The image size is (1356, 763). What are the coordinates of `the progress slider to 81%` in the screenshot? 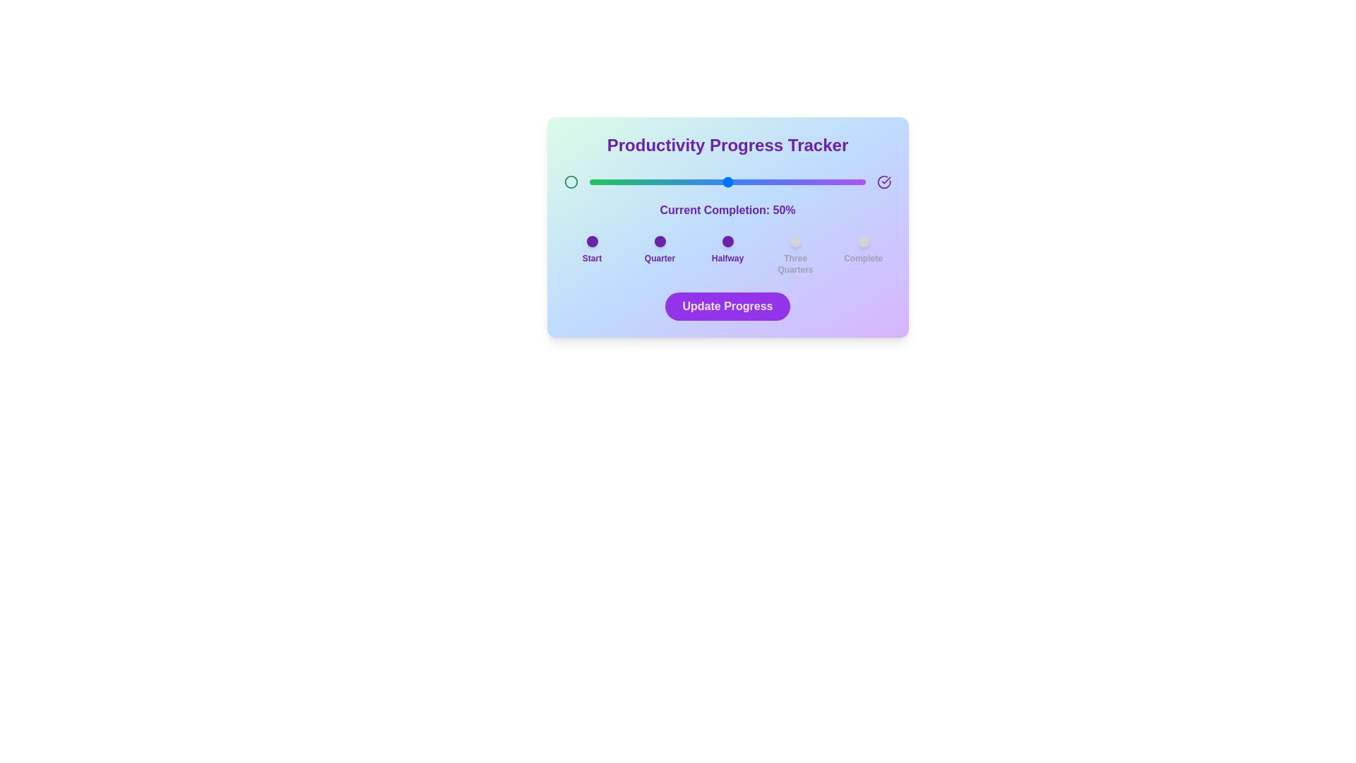 It's located at (813, 182).